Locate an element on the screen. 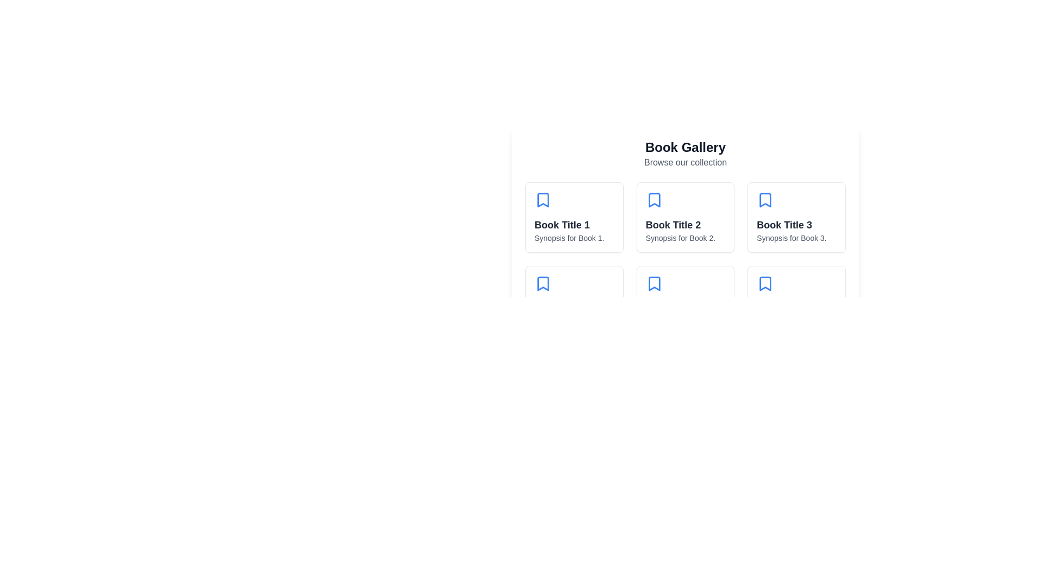 This screenshot has height=586, width=1043. the static text providing a summary or description of the book located in the third card of the 'Book Gallery' section, positioned below 'Book Title 3' is located at coordinates (791, 238).